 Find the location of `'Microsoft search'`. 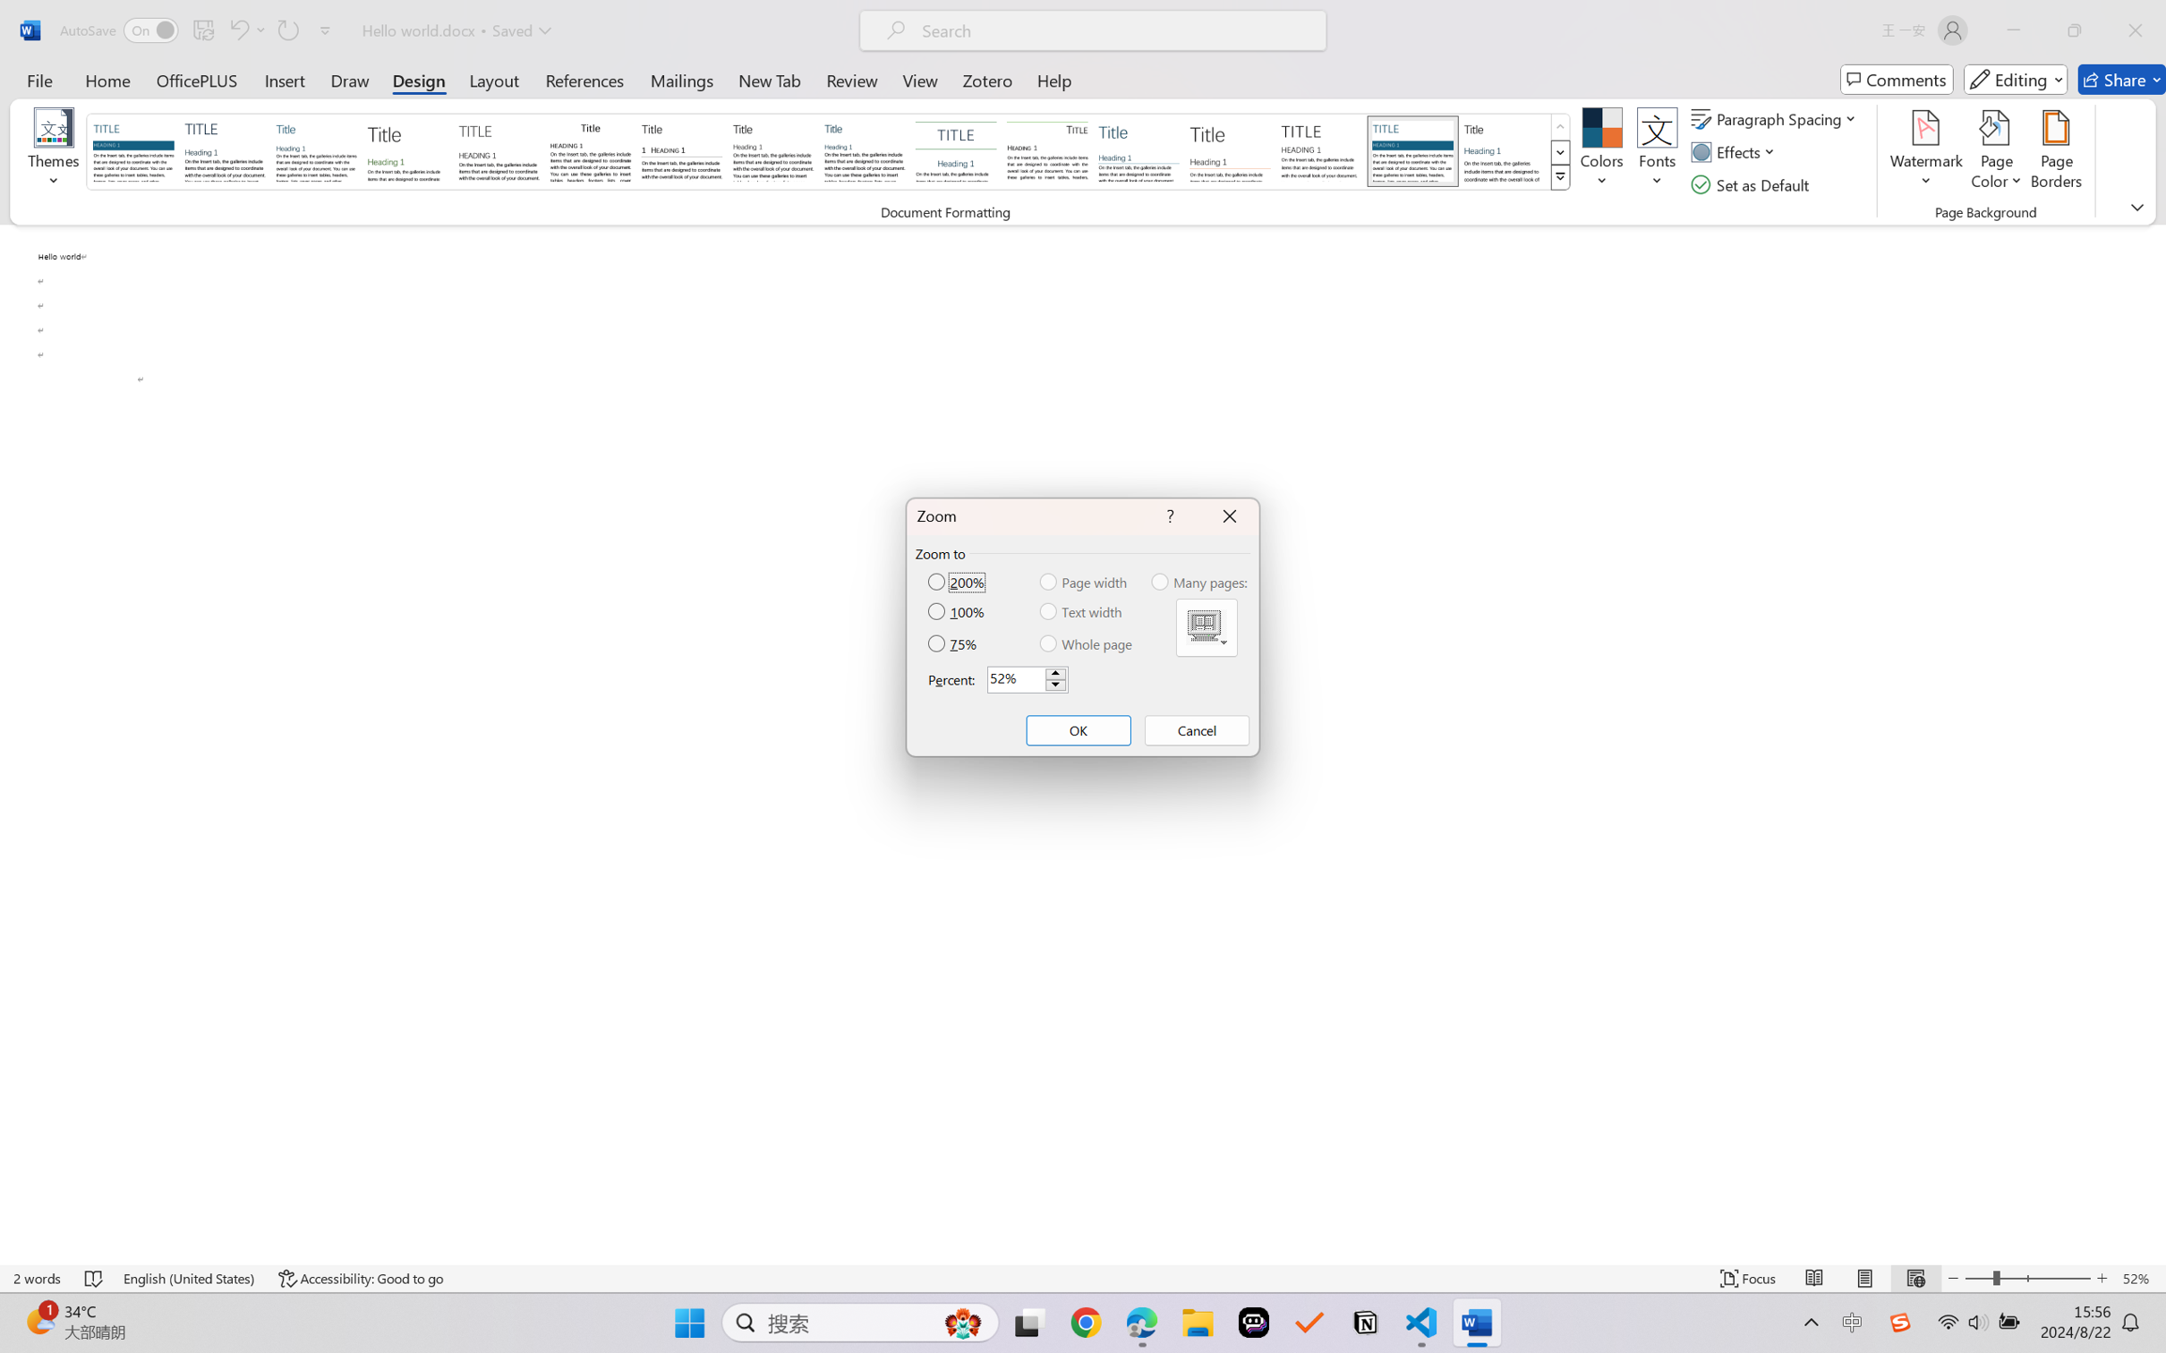

'Microsoft search' is located at coordinates (1115, 30).